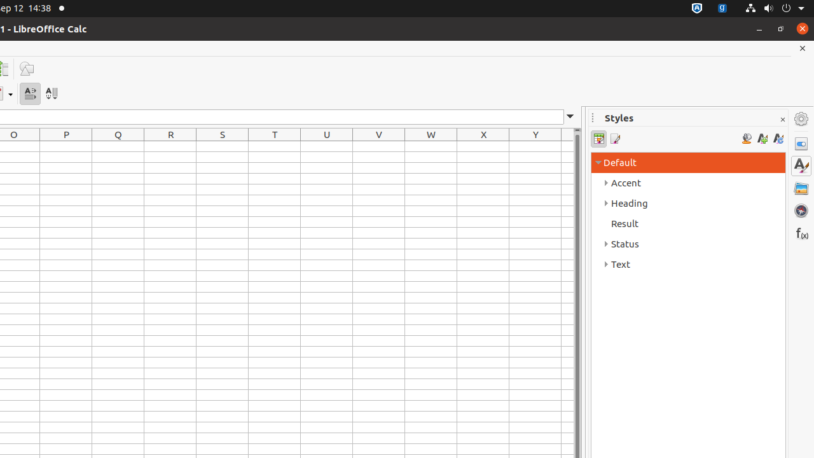 This screenshot has width=814, height=458. What do you see at coordinates (722, 8) in the screenshot?
I see `':1.21/StatusNotifierItem'` at bounding box center [722, 8].